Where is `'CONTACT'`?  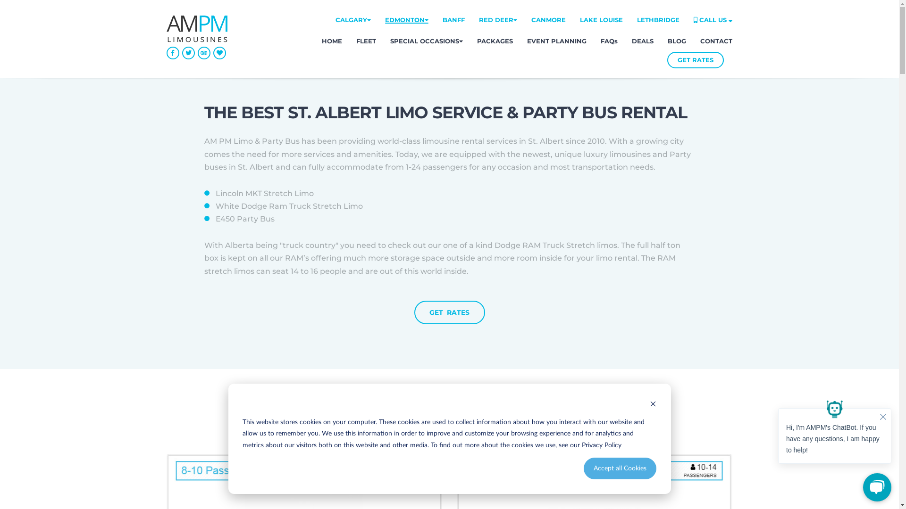
'CONTACT' is located at coordinates (716, 41).